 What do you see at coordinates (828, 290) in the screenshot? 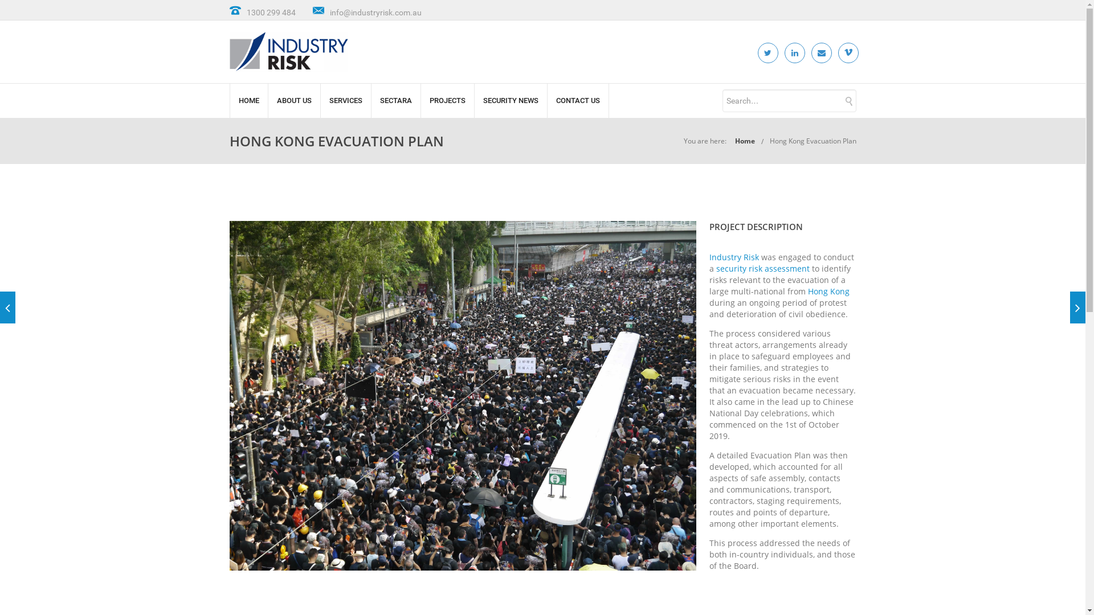
I see `'Hong Kong'` at bounding box center [828, 290].